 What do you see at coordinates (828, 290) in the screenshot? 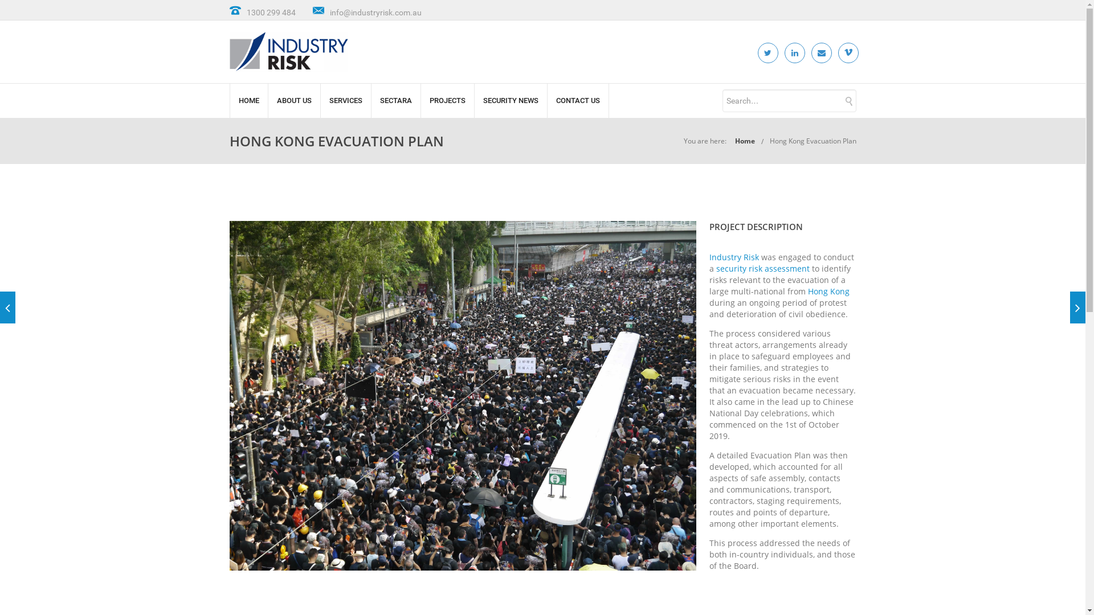
I see `'Hong Kong'` at bounding box center [828, 290].